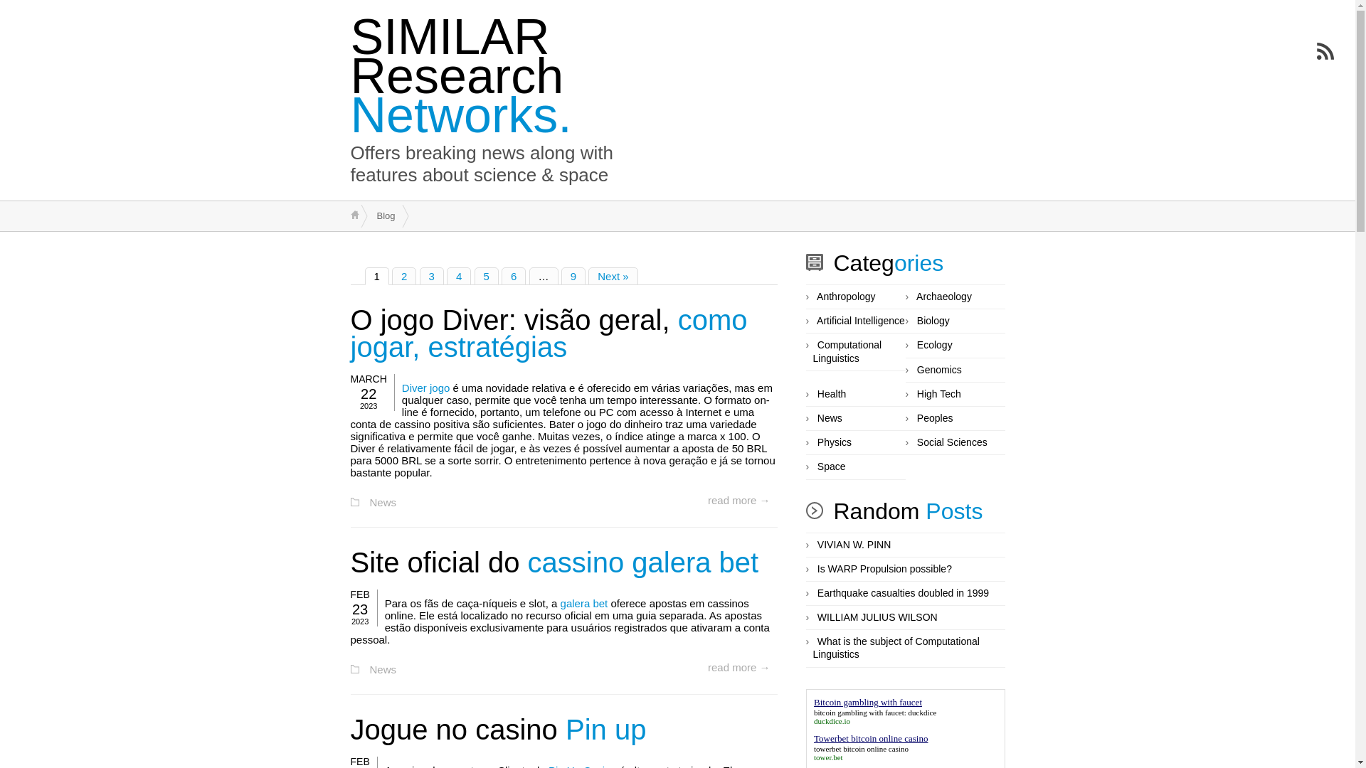 The height and width of the screenshot is (768, 1366). What do you see at coordinates (1324, 50) in the screenshot?
I see `'Subscribe to RSS Feed'` at bounding box center [1324, 50].